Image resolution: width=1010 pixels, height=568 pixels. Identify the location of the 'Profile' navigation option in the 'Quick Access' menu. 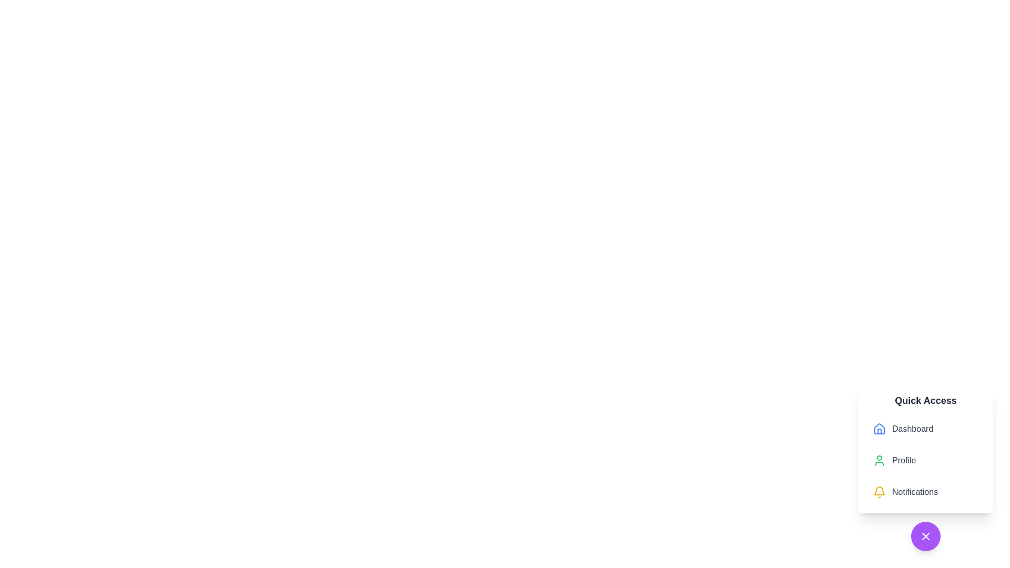
(926, 468).